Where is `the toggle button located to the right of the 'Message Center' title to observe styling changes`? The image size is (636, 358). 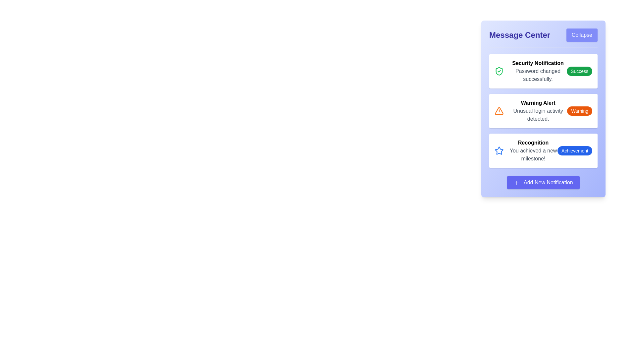
the toggle button located to the right of the 'Message Center' title to observe styling changes is located at coordinates (581, 35).